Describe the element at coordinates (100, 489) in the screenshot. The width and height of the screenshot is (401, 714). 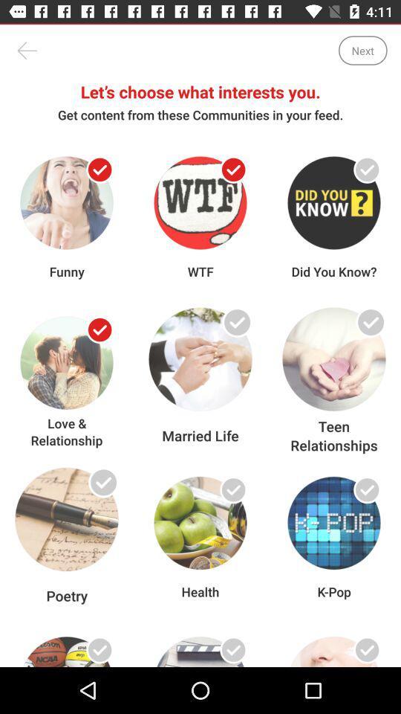
I see `selection check box` at that location.